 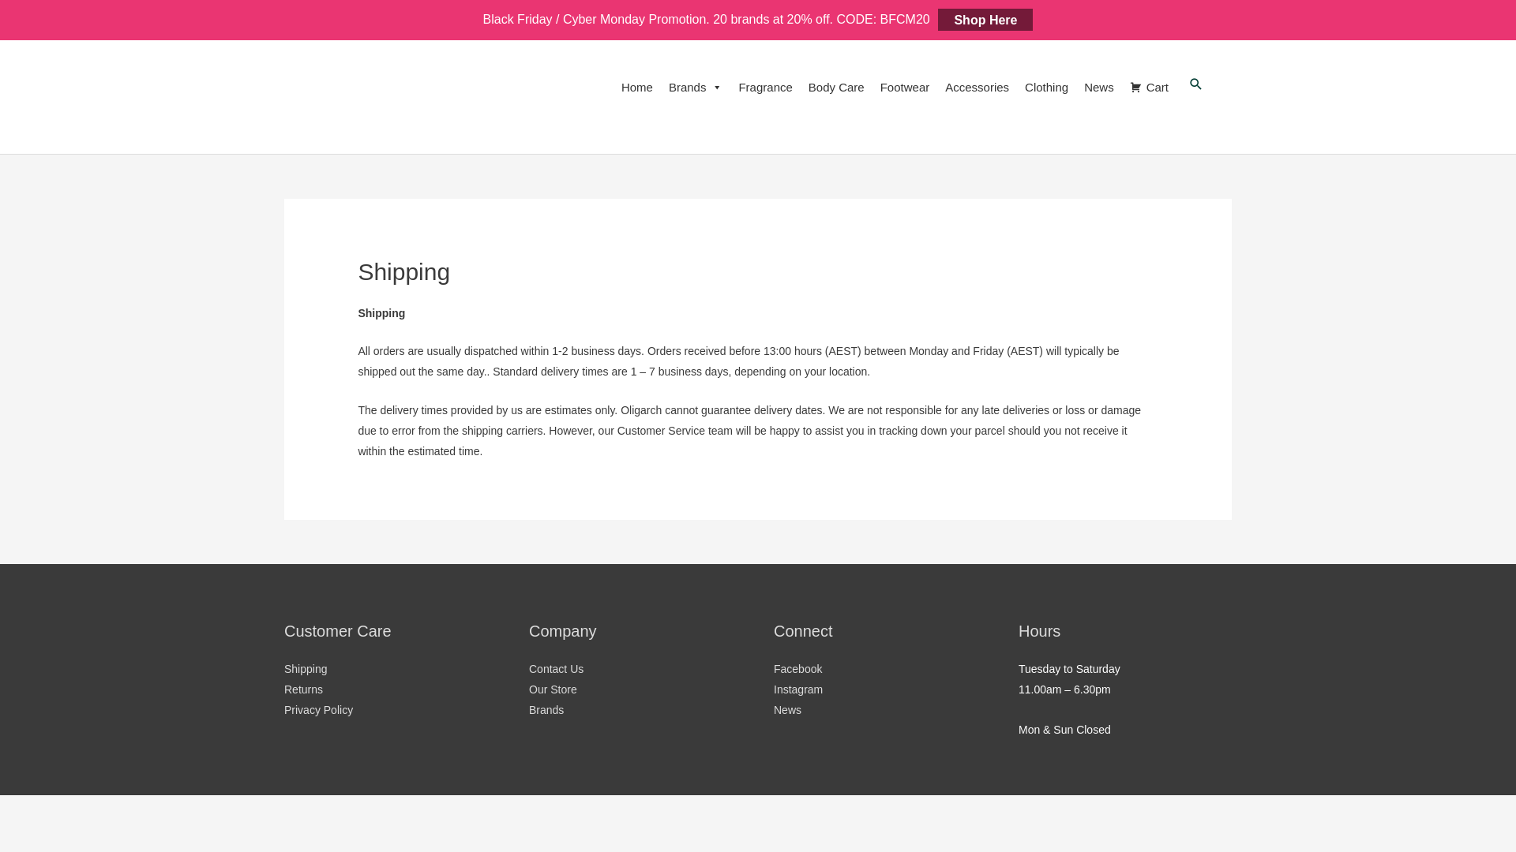 I want to click on 'Footwear', so click(x=905, y=88).